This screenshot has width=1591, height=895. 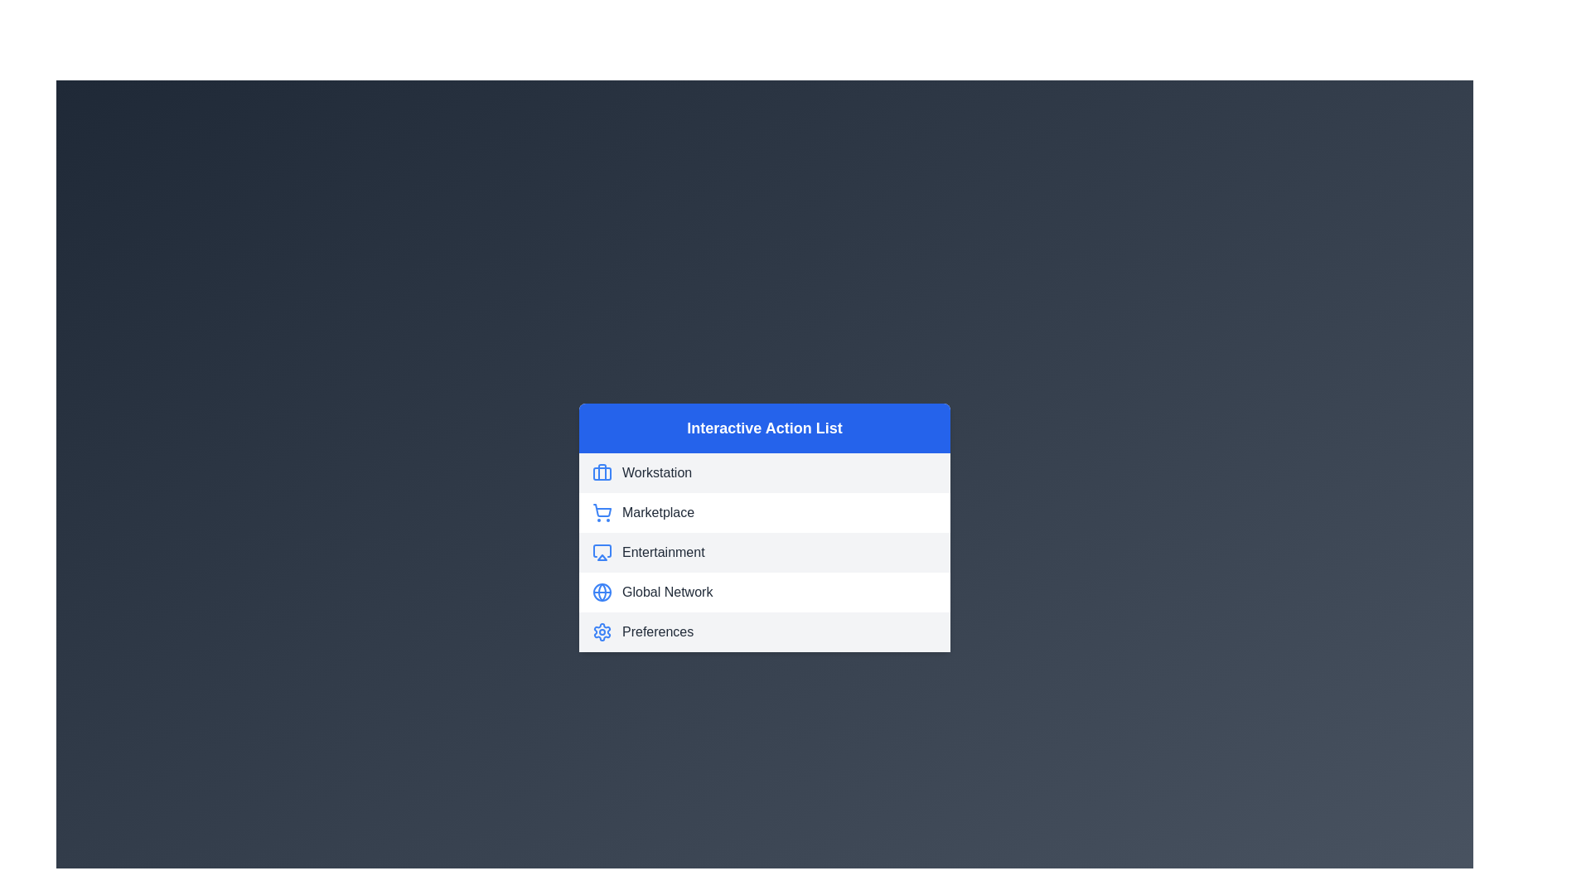 I want to click on text of the 'Workstation' label located in the first option of the 'Interactive Action List' menu, which is positioned to the right of the briefcase icon, so click(x=656, y=472).